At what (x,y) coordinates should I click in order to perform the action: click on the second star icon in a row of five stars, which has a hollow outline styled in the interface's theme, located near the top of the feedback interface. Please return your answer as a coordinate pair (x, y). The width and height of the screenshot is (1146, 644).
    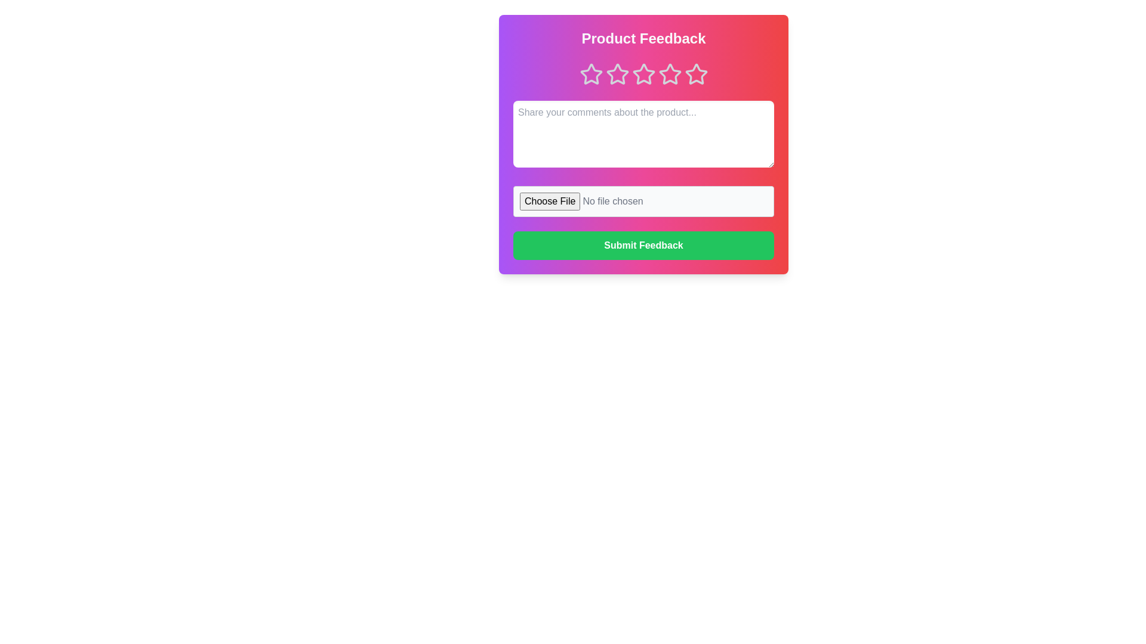
    Looking at the image, I should click on (617, 74).